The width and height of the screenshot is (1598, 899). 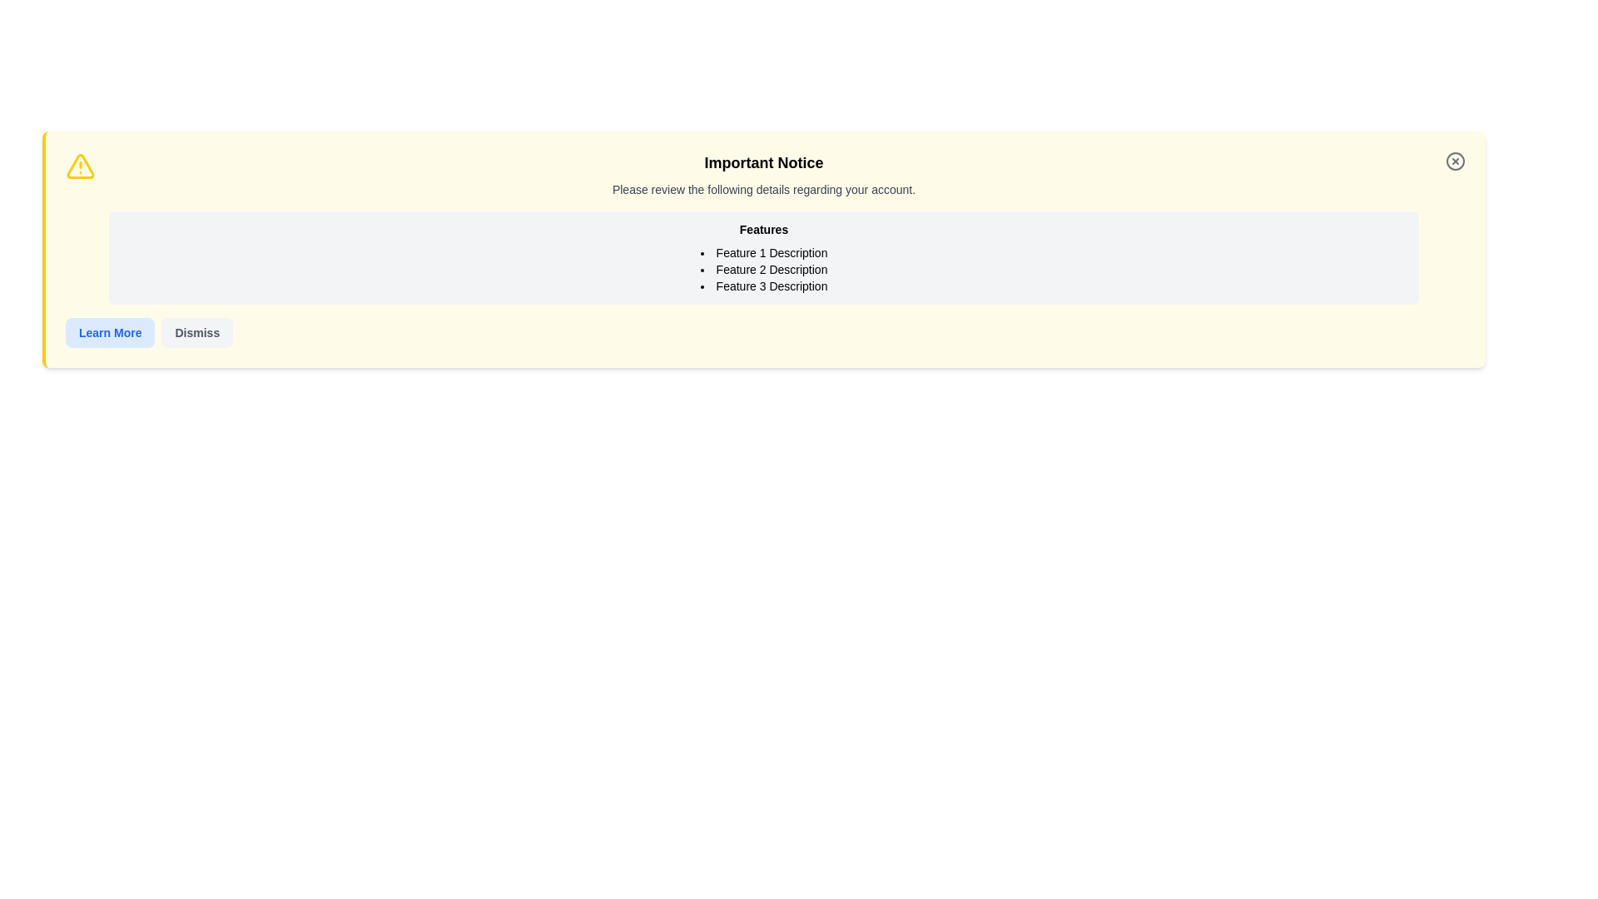 What do you see at coordinates (79, 166) in the screenshot?
I see `the warning icon located near the top-left corner of the interface, adjacent to the header 'Important Notice'` at bounding box center [79, 166].